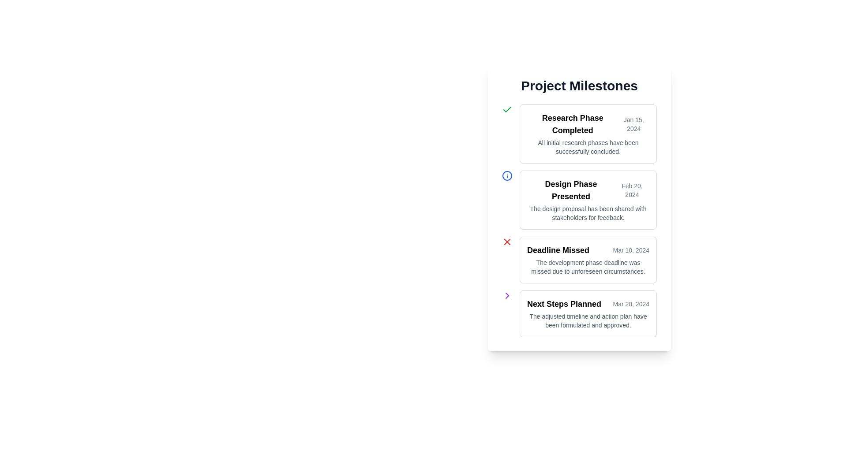 The height and width of the screenshot is (476, 847). Describe the element at coordinates (579, 200) in the screenshot. I see `information displayed in the Card component that details the milestone 'Design Phase Presented' in the 'Project Milestones' section` at that location.